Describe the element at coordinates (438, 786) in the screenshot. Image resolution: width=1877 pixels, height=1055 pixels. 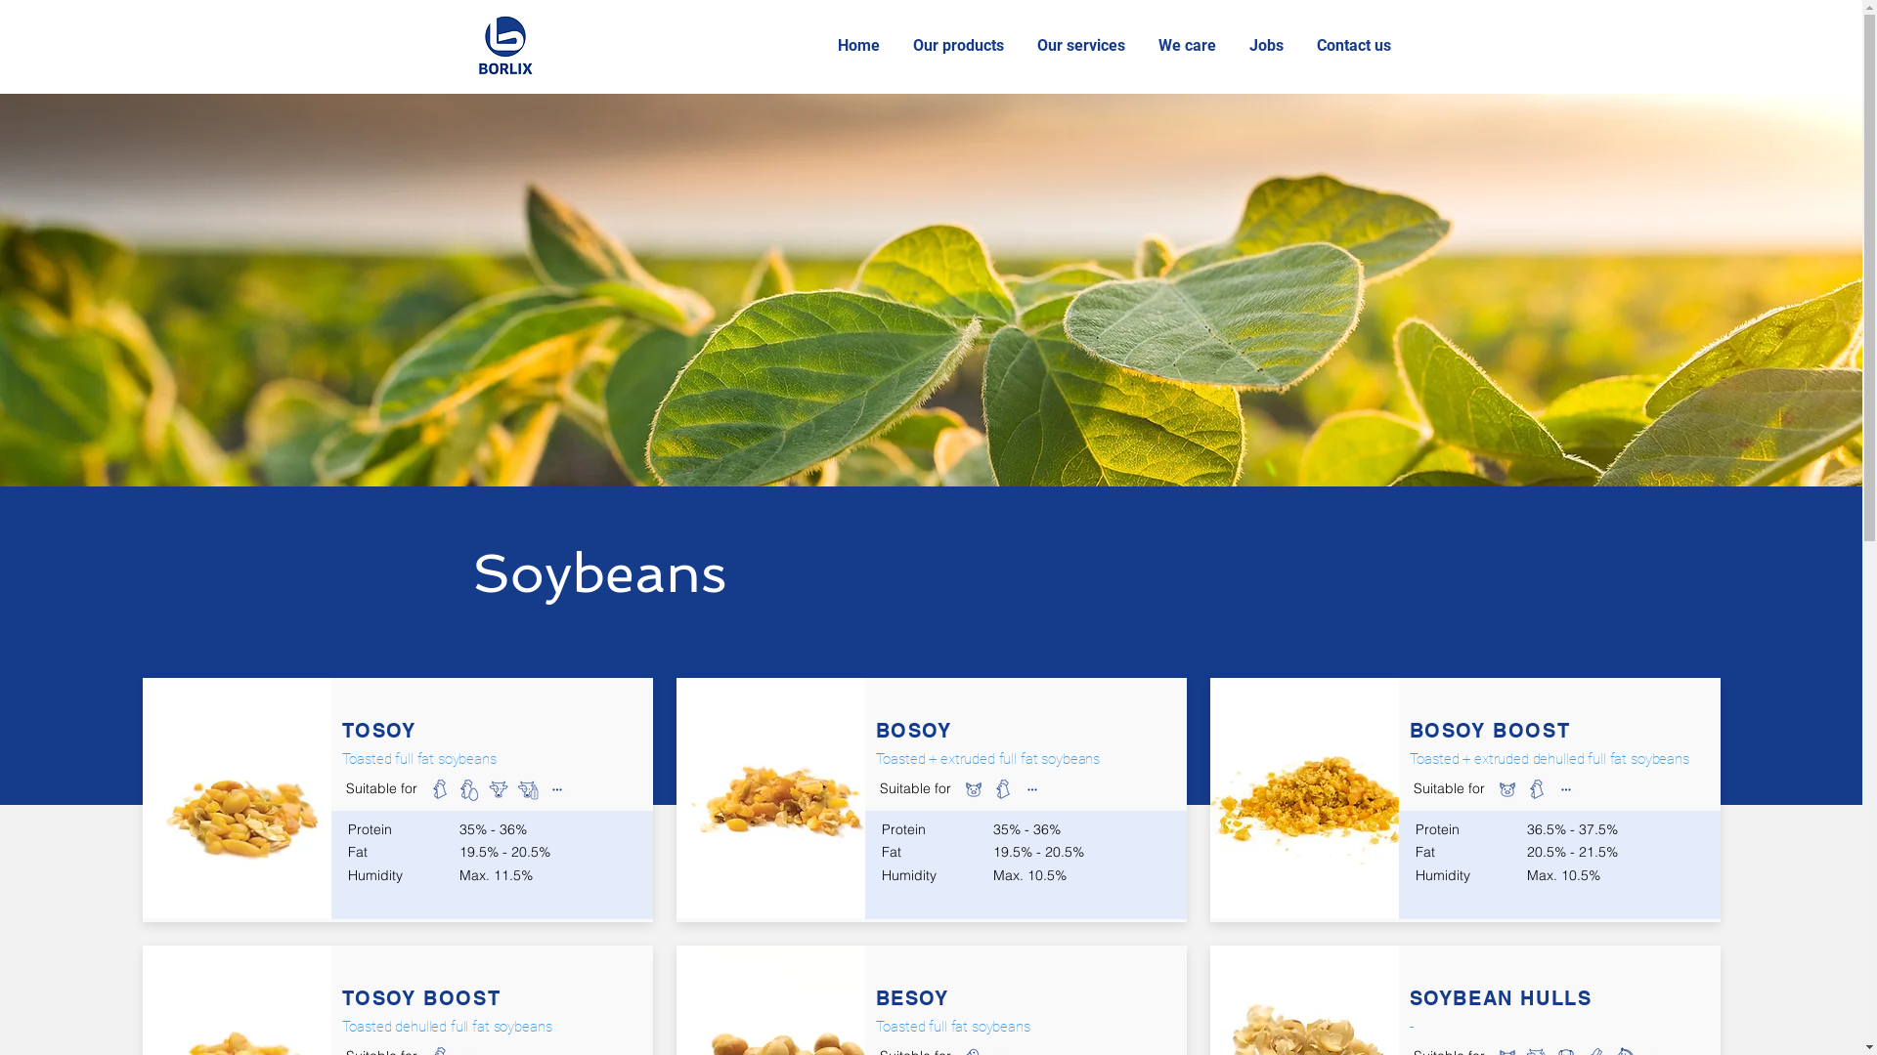
I see `'Broilers'` at that location.